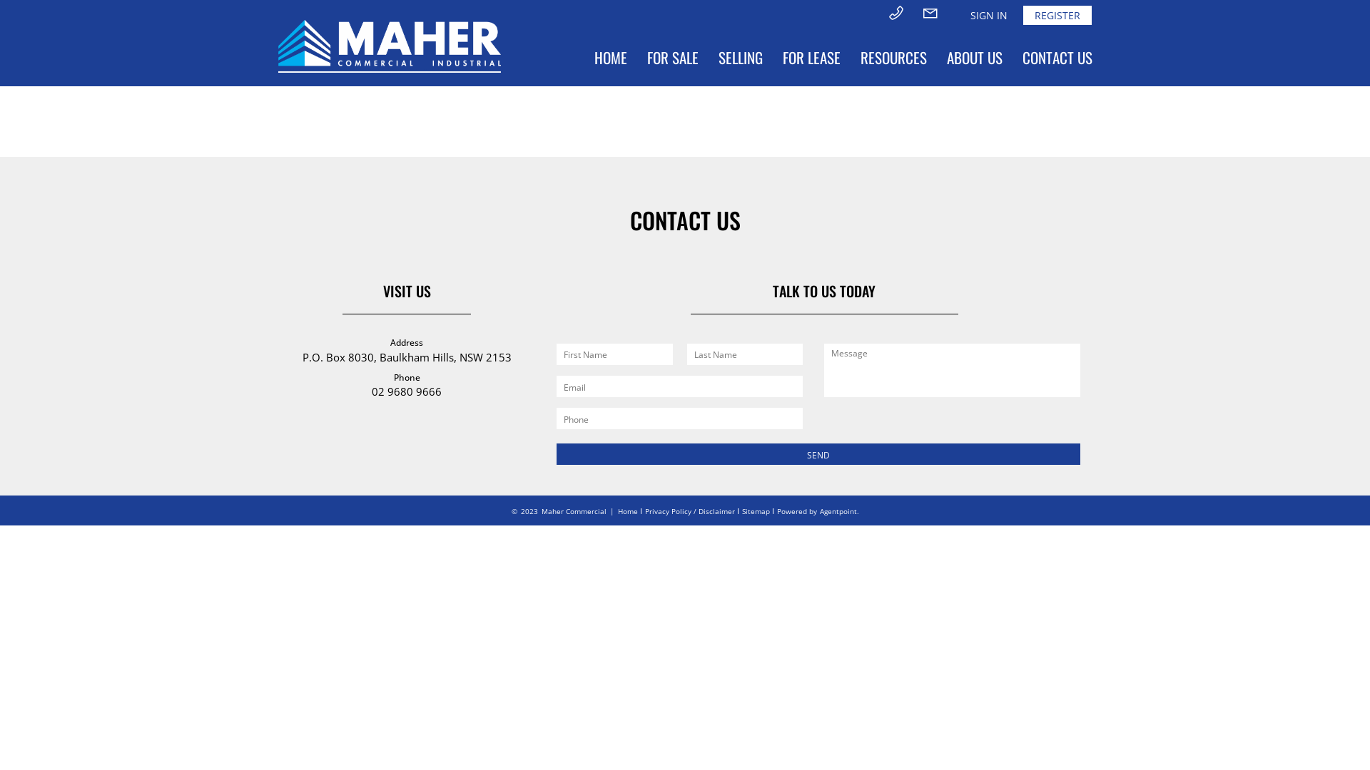 The image size is (1370, 770). I want to click on 'SIGN IN', so click(962, 15).